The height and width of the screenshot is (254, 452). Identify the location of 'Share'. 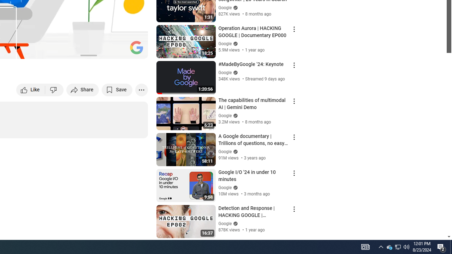
(83, 89).